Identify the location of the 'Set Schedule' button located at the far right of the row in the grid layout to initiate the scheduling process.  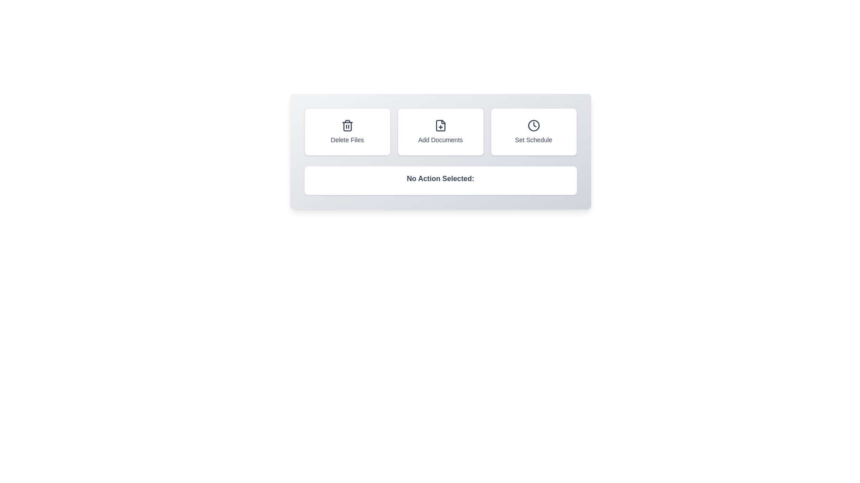
(533, 131).